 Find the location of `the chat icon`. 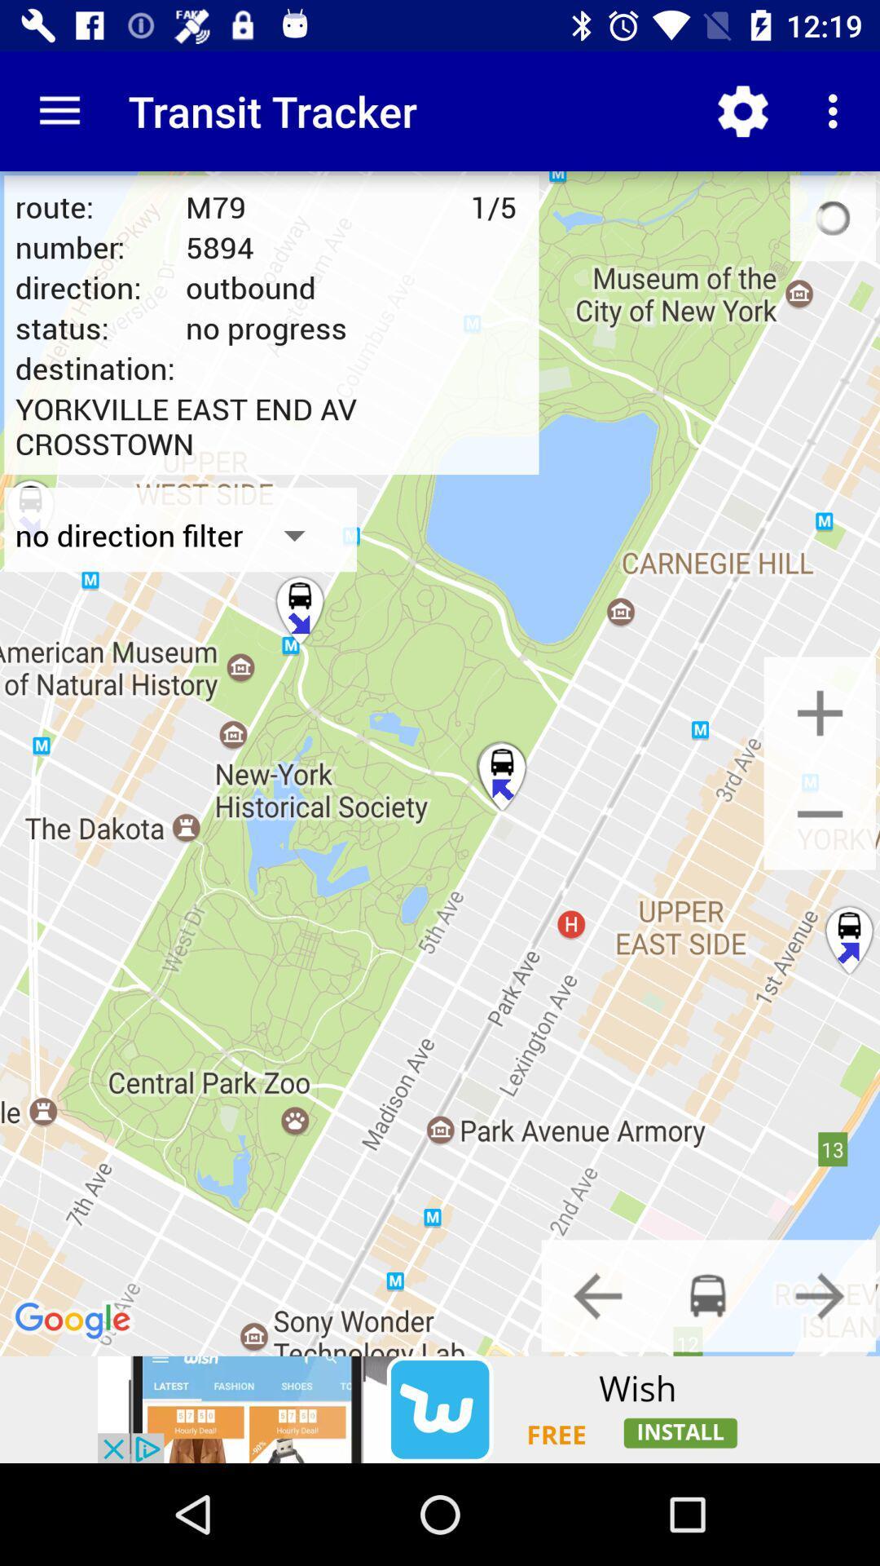

the chat icon is located at coordinates (707, 1294).